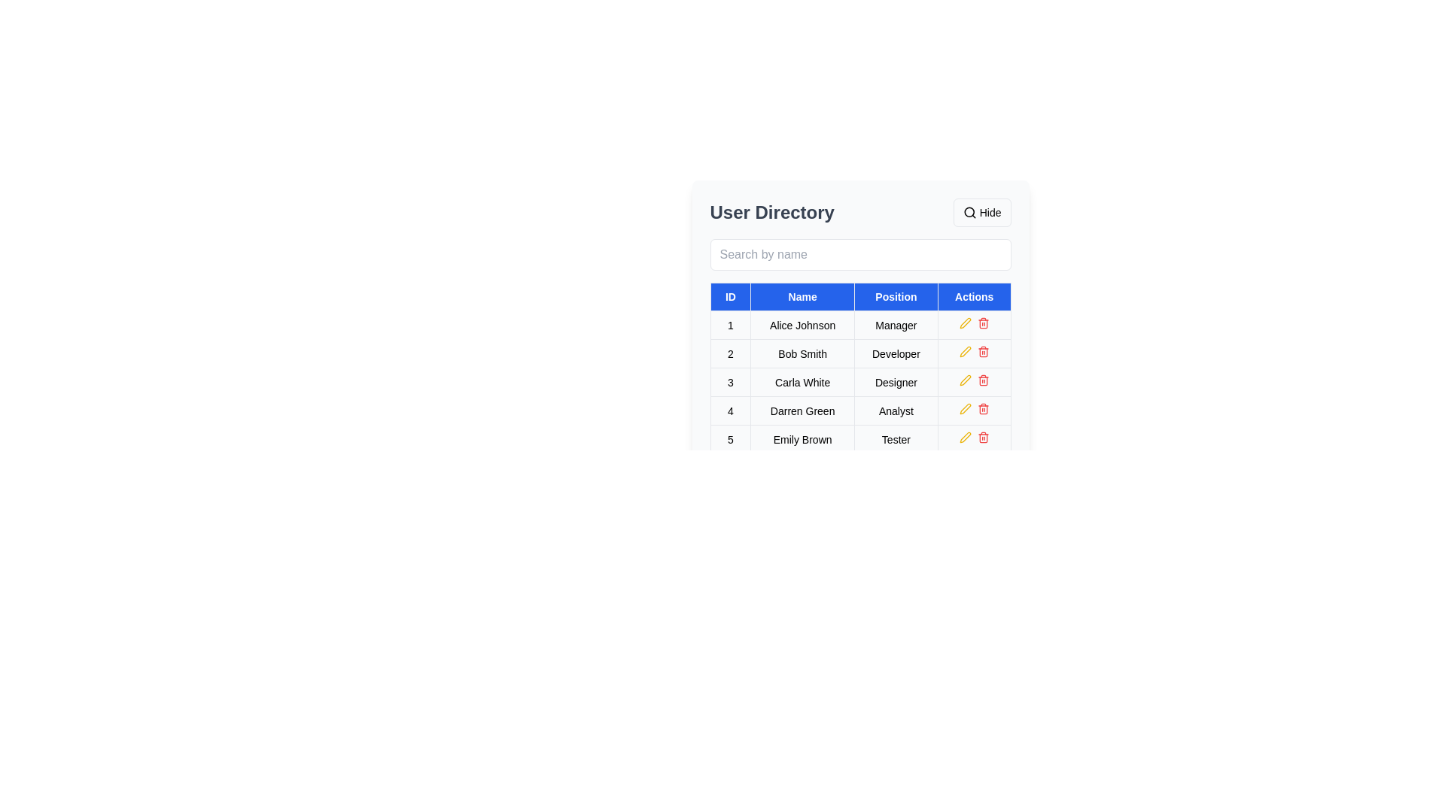  I want to click on the table cell containing the text '2', located in the first column under the 'ID' header, in the second row corresponding to the entry 'Bob Smith, Developer', so click(730, 353).